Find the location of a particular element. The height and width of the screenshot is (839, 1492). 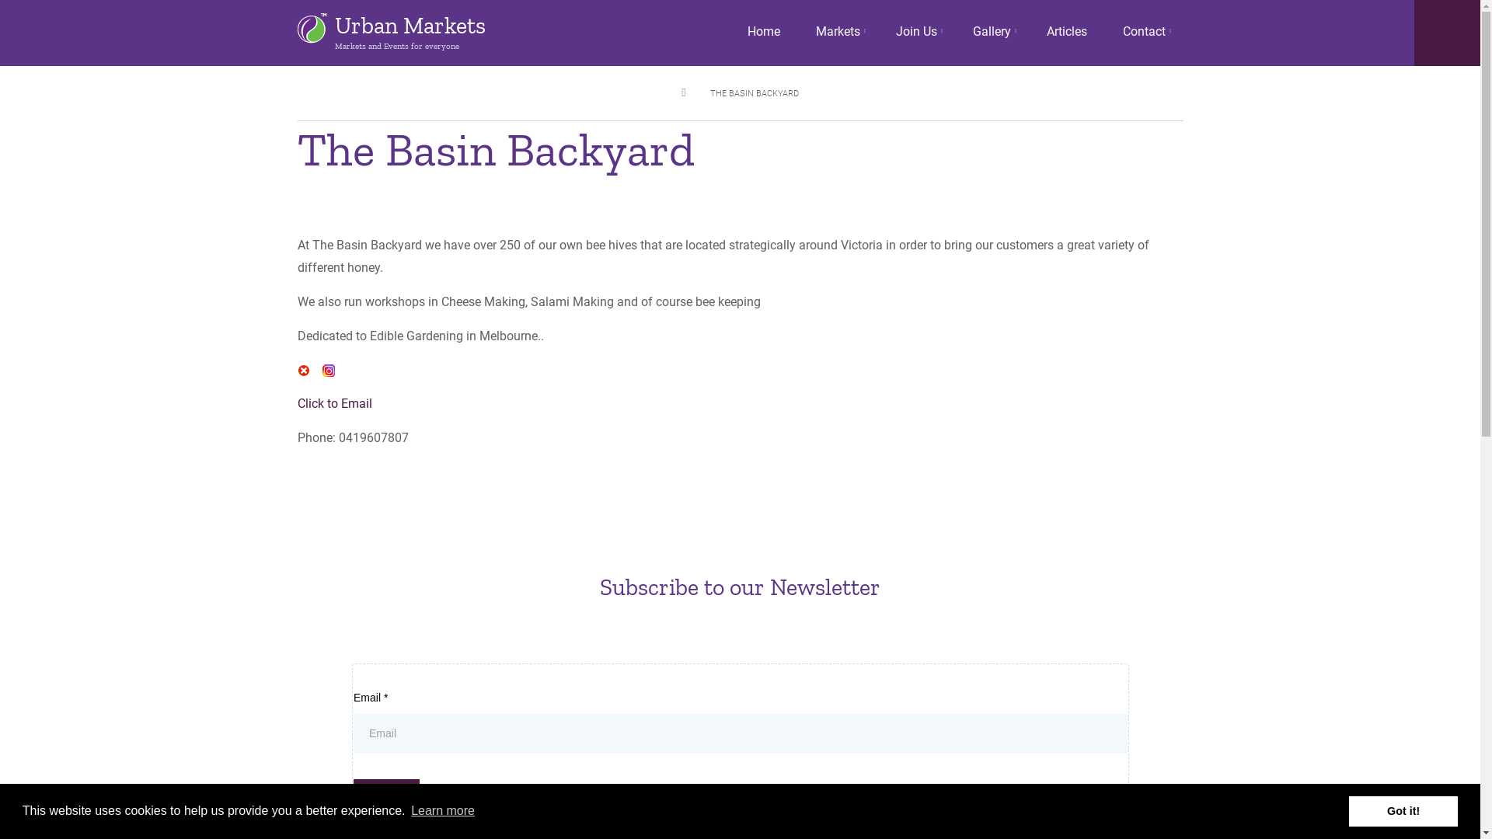

'Articles' is located at coordinates (1065, 32).